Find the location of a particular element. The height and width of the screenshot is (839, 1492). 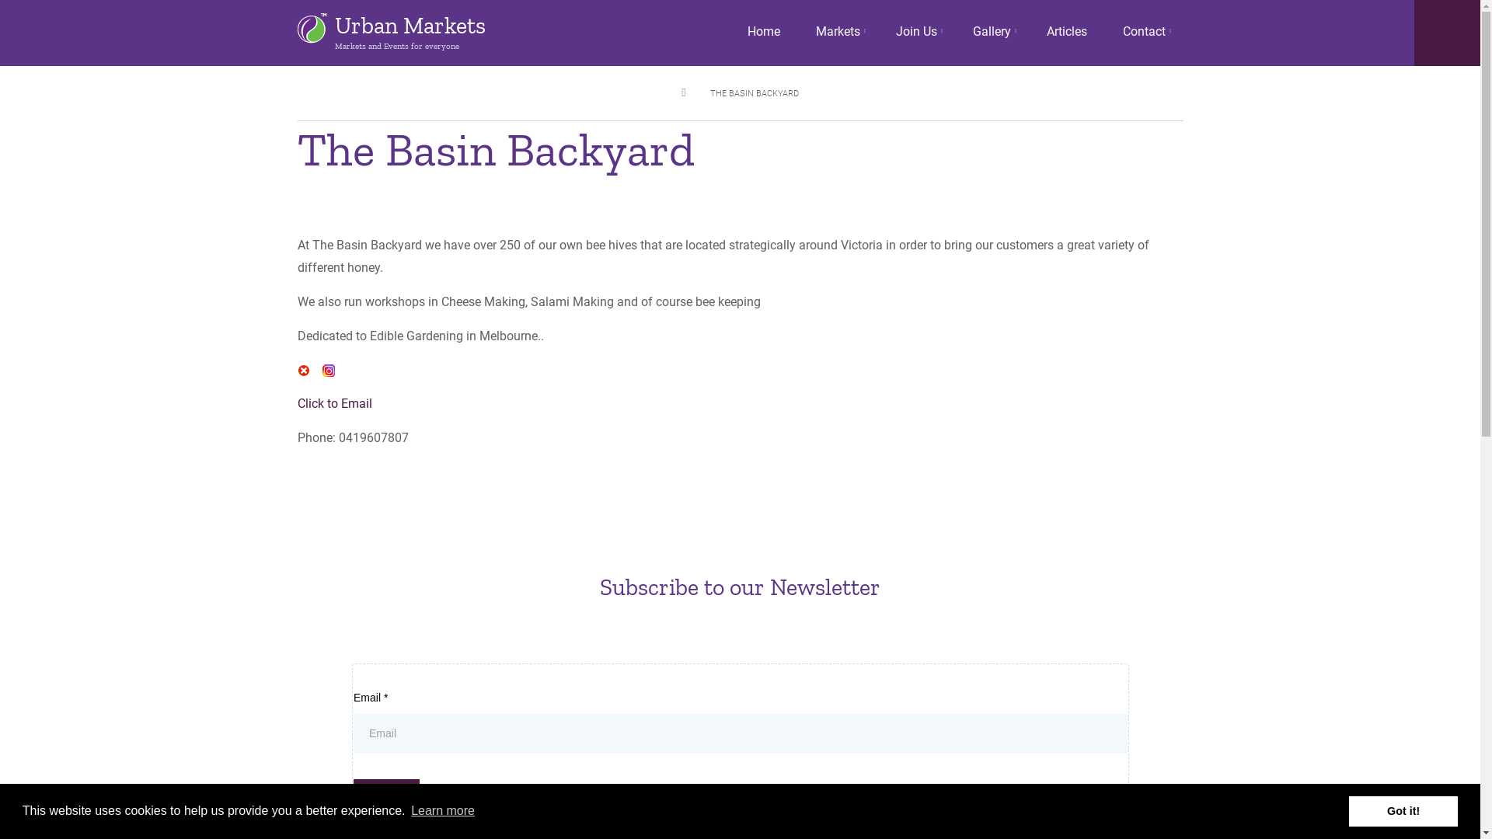

'Articles' is located at coordinates (1065, 32).